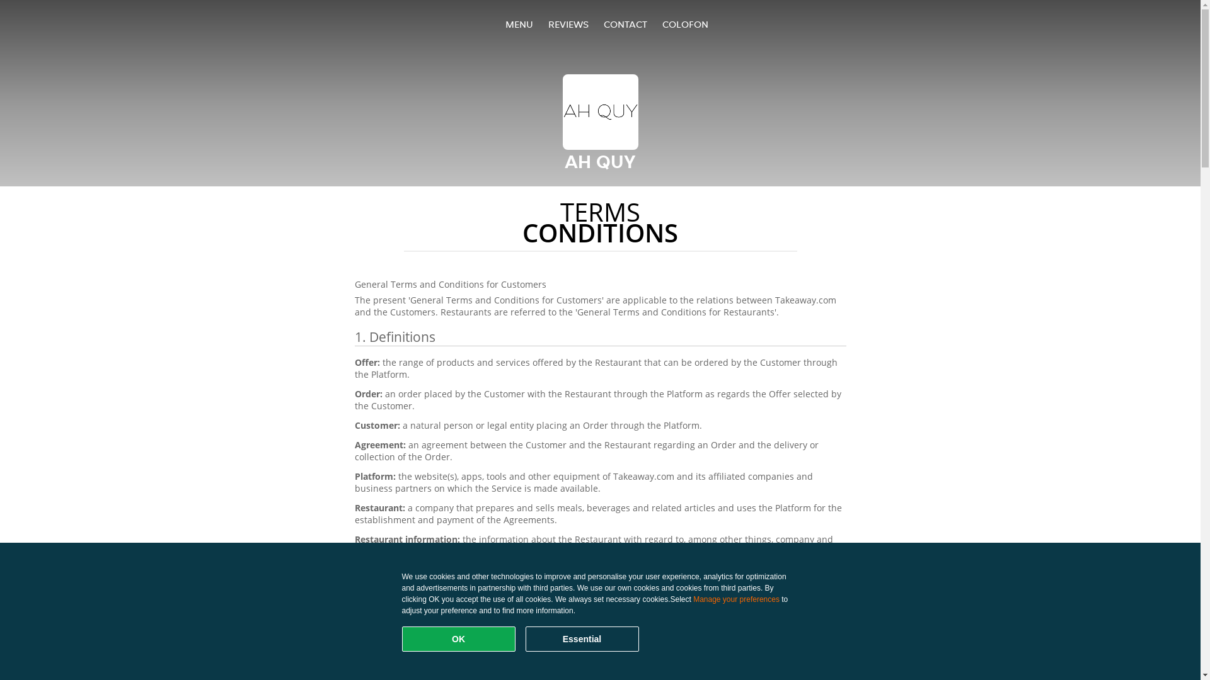 This screenshot has height=680, width=1210. I want to click on 'Manage your preferences', so click(736, 599).